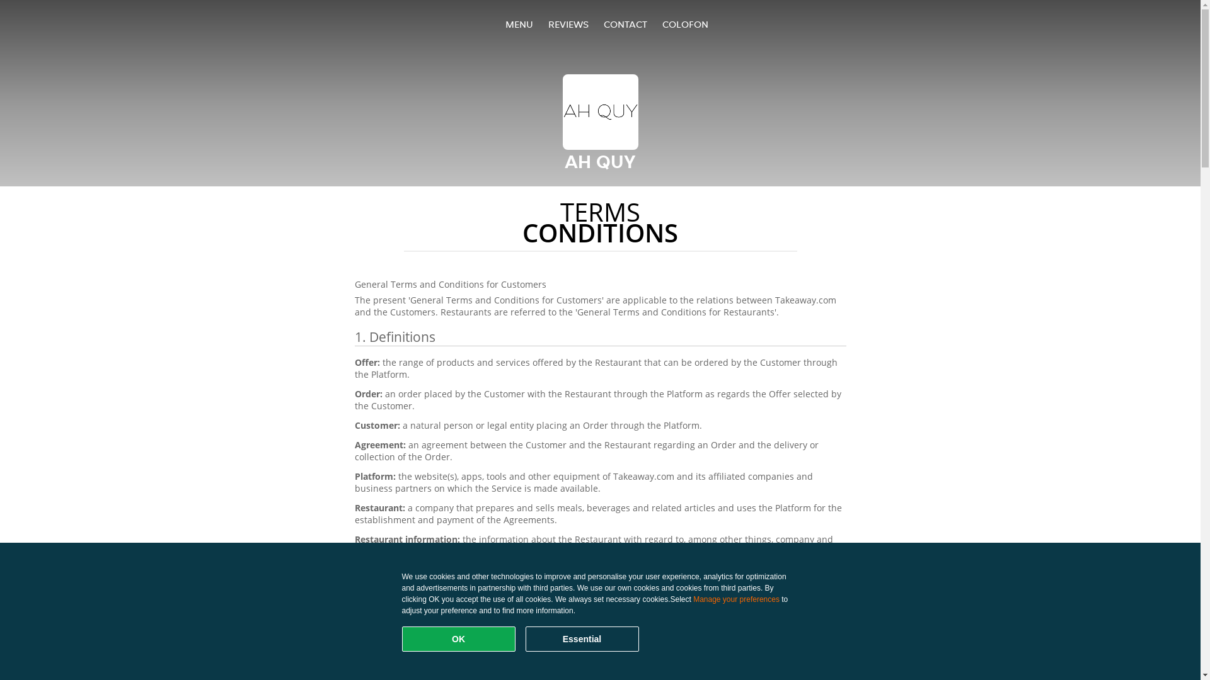 This screenshot has height=680, width=1210. I want to click on 'Manage your preferences', so click(736, 599).